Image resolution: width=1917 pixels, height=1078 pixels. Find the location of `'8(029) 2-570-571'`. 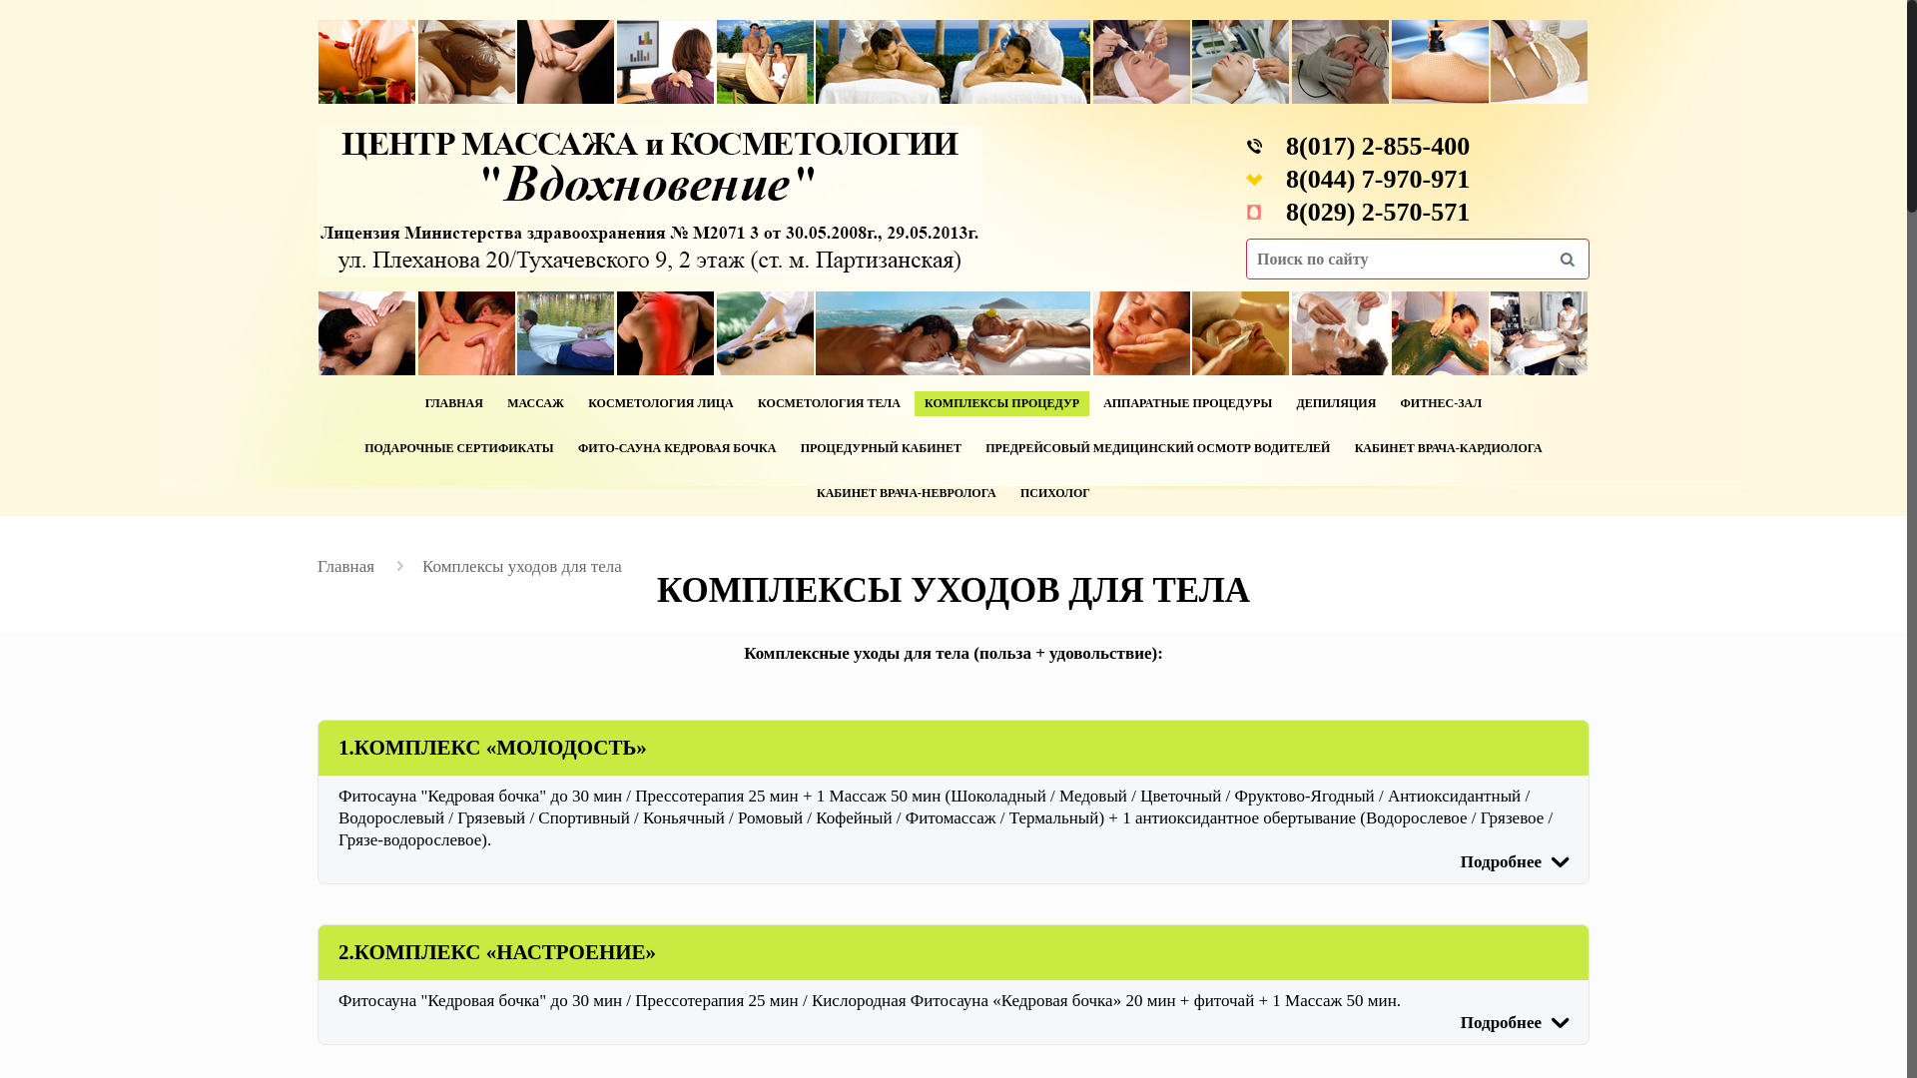

'8(029) 2-570-571' is located at coordinates (1377, 212).